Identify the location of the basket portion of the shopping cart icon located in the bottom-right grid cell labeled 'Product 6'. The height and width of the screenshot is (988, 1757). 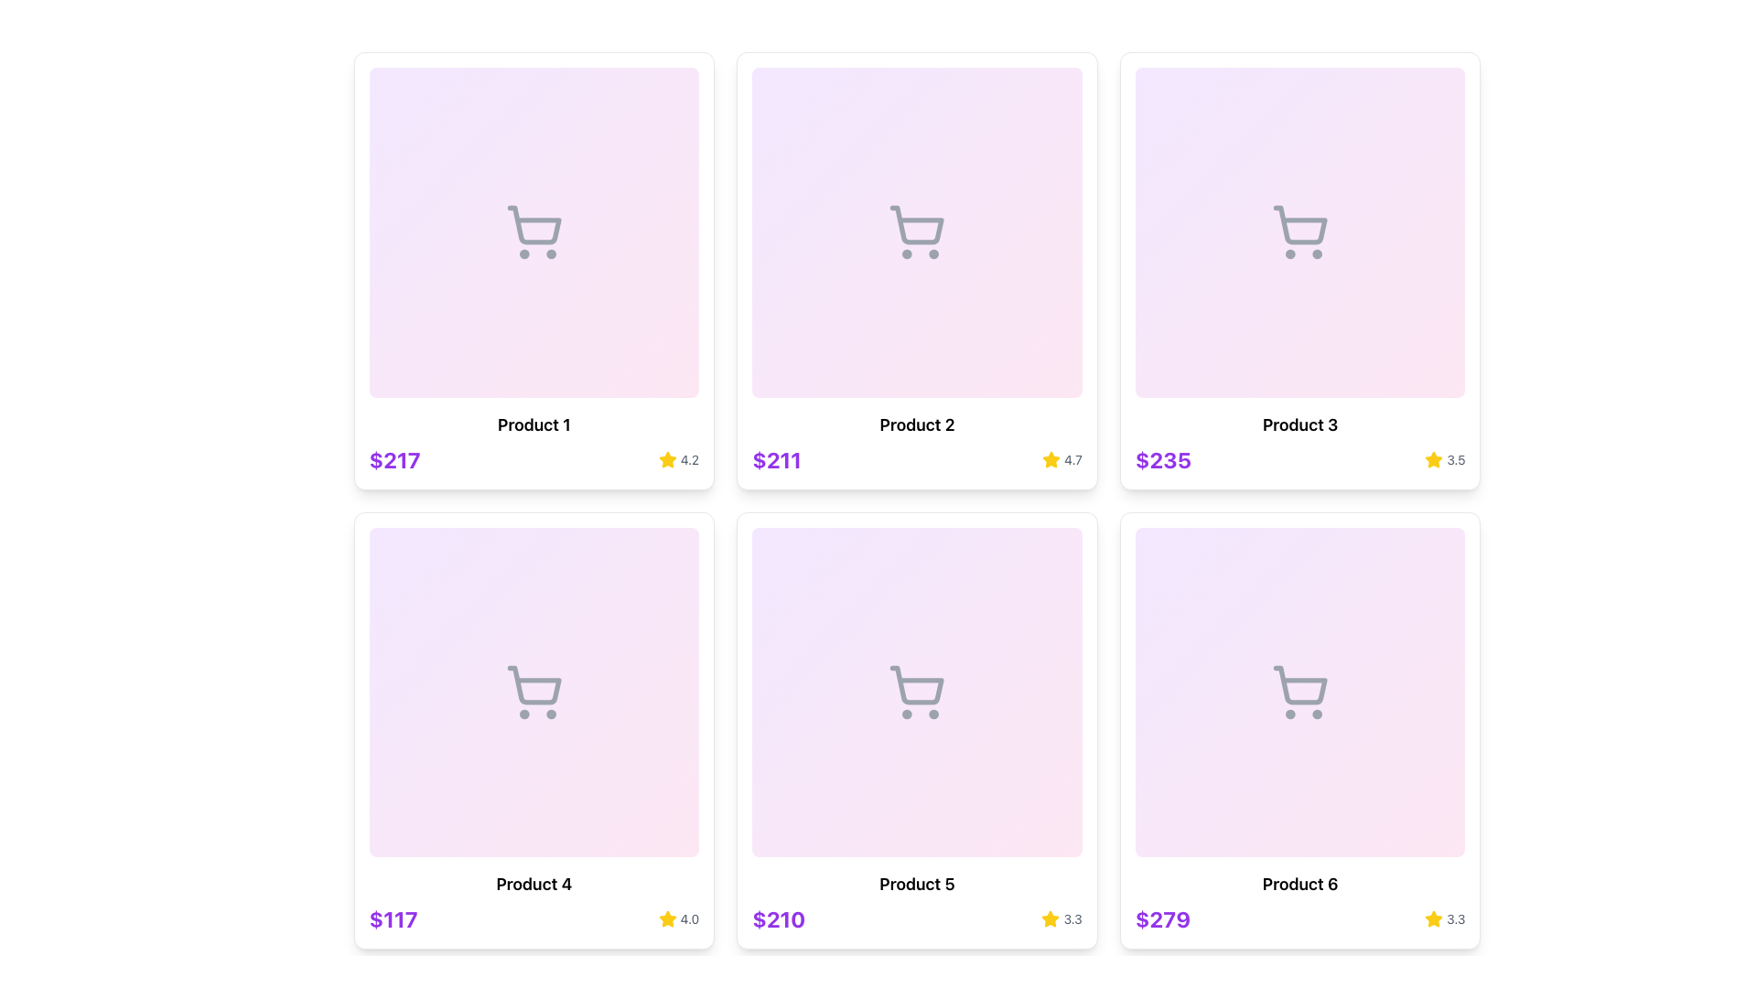
(1299, 685).